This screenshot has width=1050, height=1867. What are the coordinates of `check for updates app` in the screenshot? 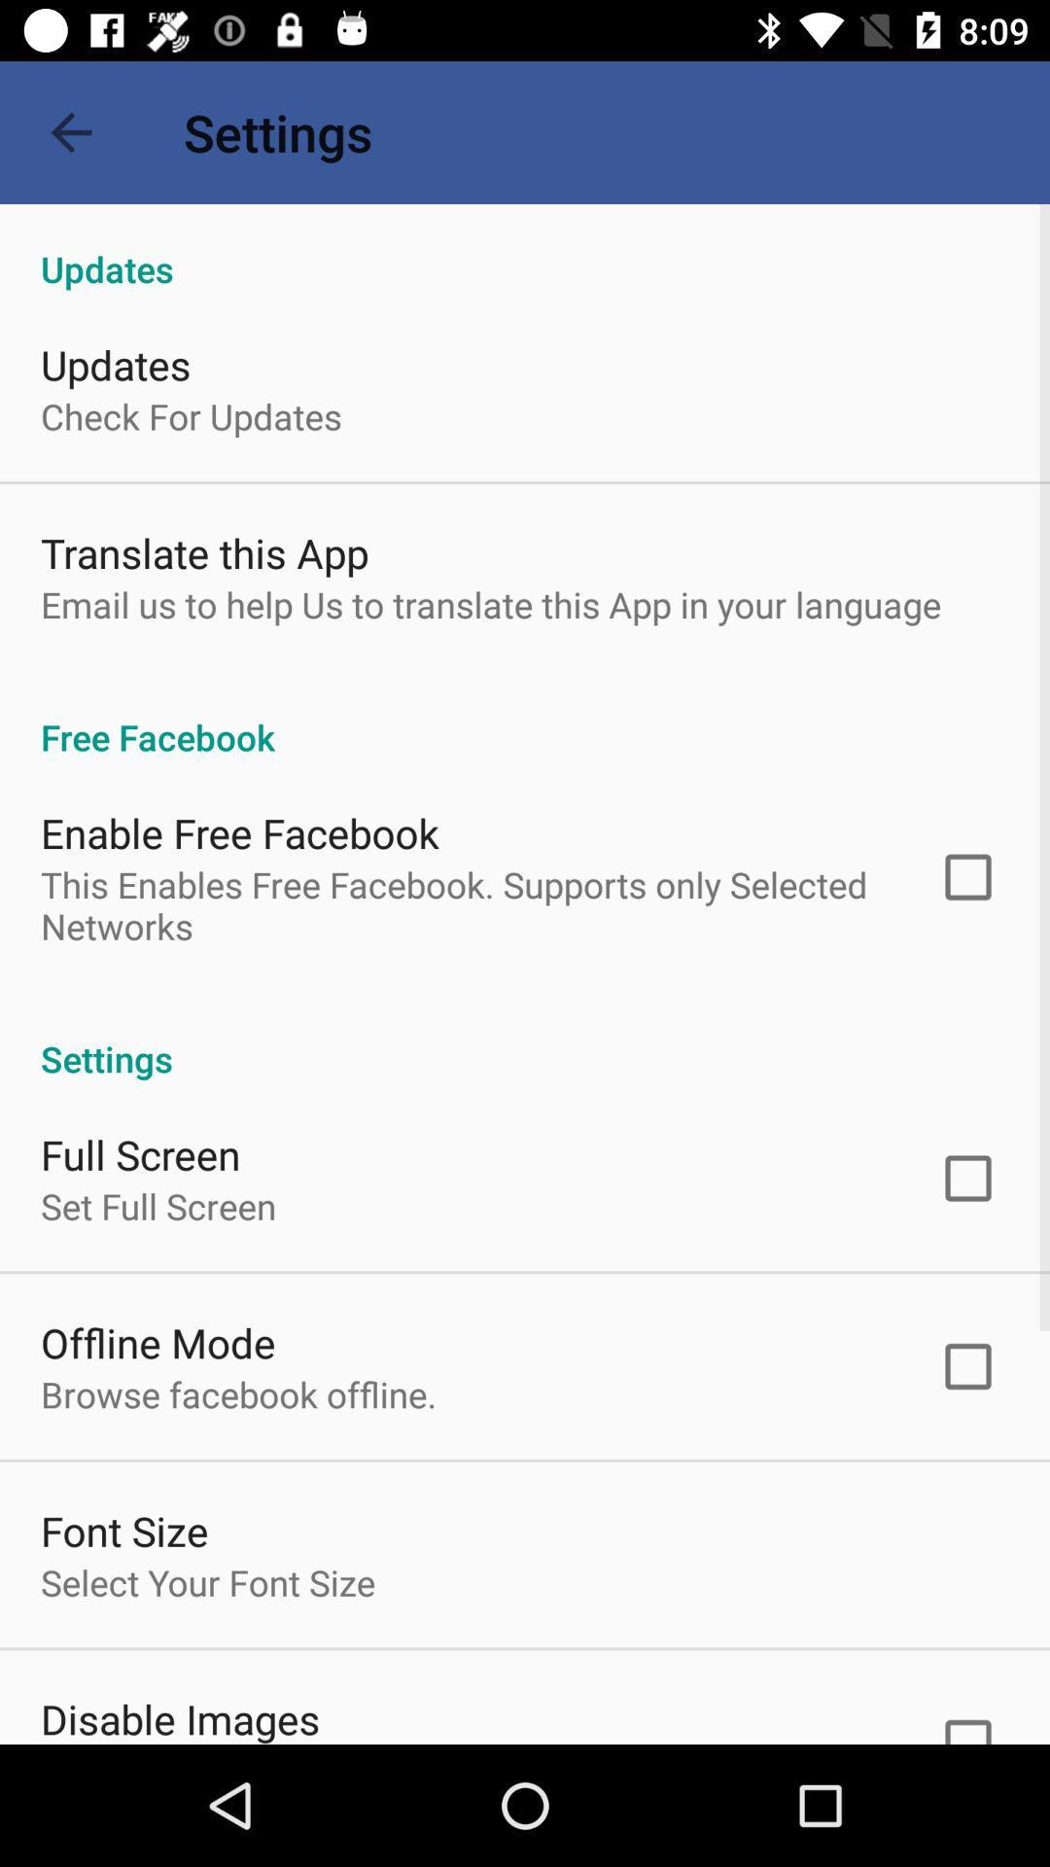 It's located at (191, 415).